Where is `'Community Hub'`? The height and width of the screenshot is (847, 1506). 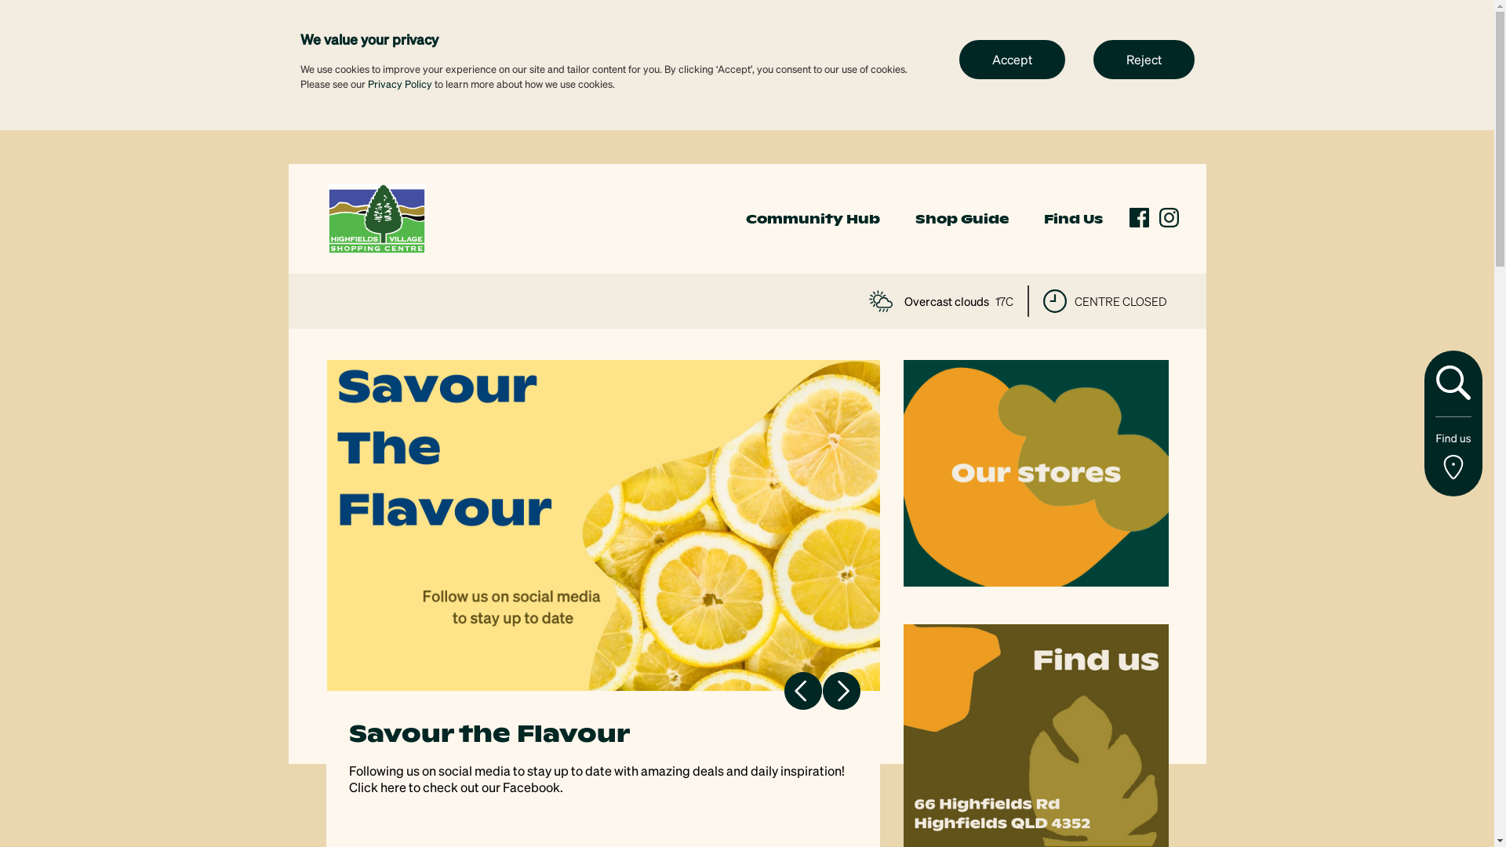 'Community Hub' is located at coordinates (744, 219).